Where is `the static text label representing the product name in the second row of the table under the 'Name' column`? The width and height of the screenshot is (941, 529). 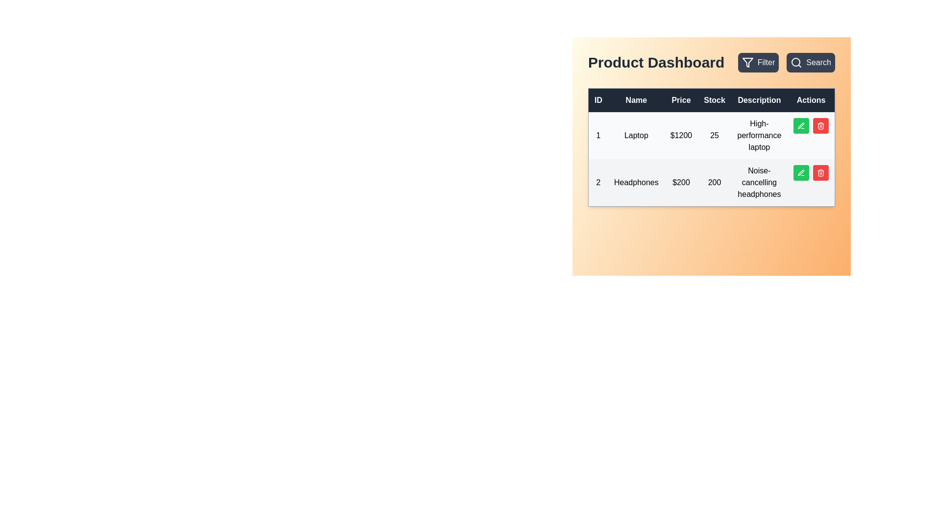
the static text label representing the product name in the second row of the table under the 'Name' column is located at coordinates (636, 183).